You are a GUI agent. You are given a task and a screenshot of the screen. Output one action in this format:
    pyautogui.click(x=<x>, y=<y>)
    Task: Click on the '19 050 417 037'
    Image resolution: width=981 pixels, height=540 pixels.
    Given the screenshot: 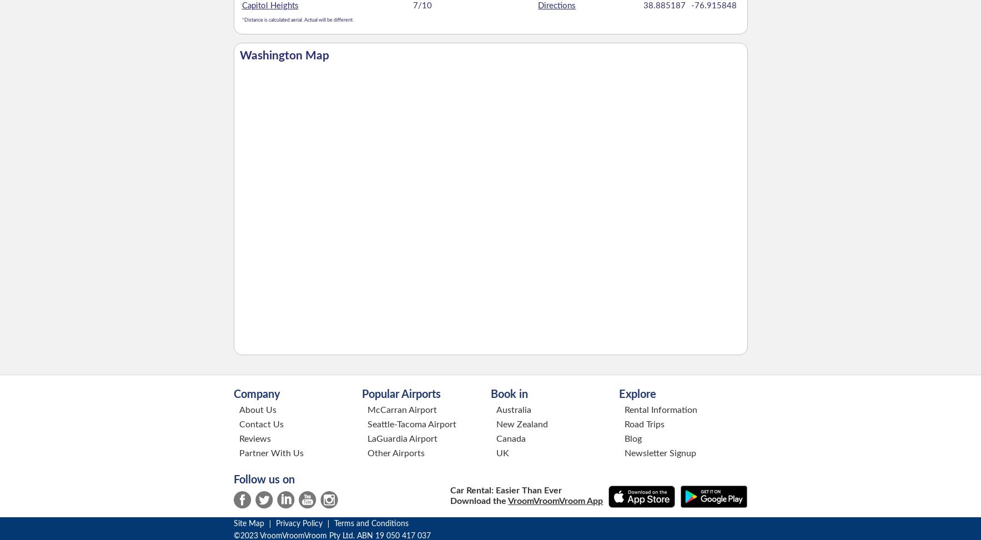 What is the action you would take?
    pyautogui.click(x=402, y=535)
    